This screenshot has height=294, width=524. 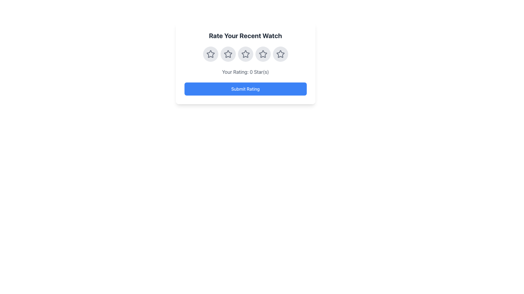 What do you see at coordinates (228, 54) in the screenshot?
I see `the second star icon in the 5-star rating system` at bounding box center [228, 54].